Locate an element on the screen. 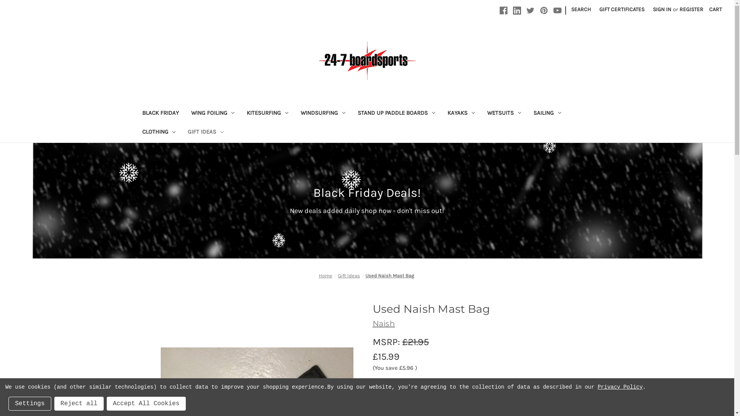 This screenshot has height=416, width=740. 'Used Naish Mast Bag' is located at coordinates (390, 275).